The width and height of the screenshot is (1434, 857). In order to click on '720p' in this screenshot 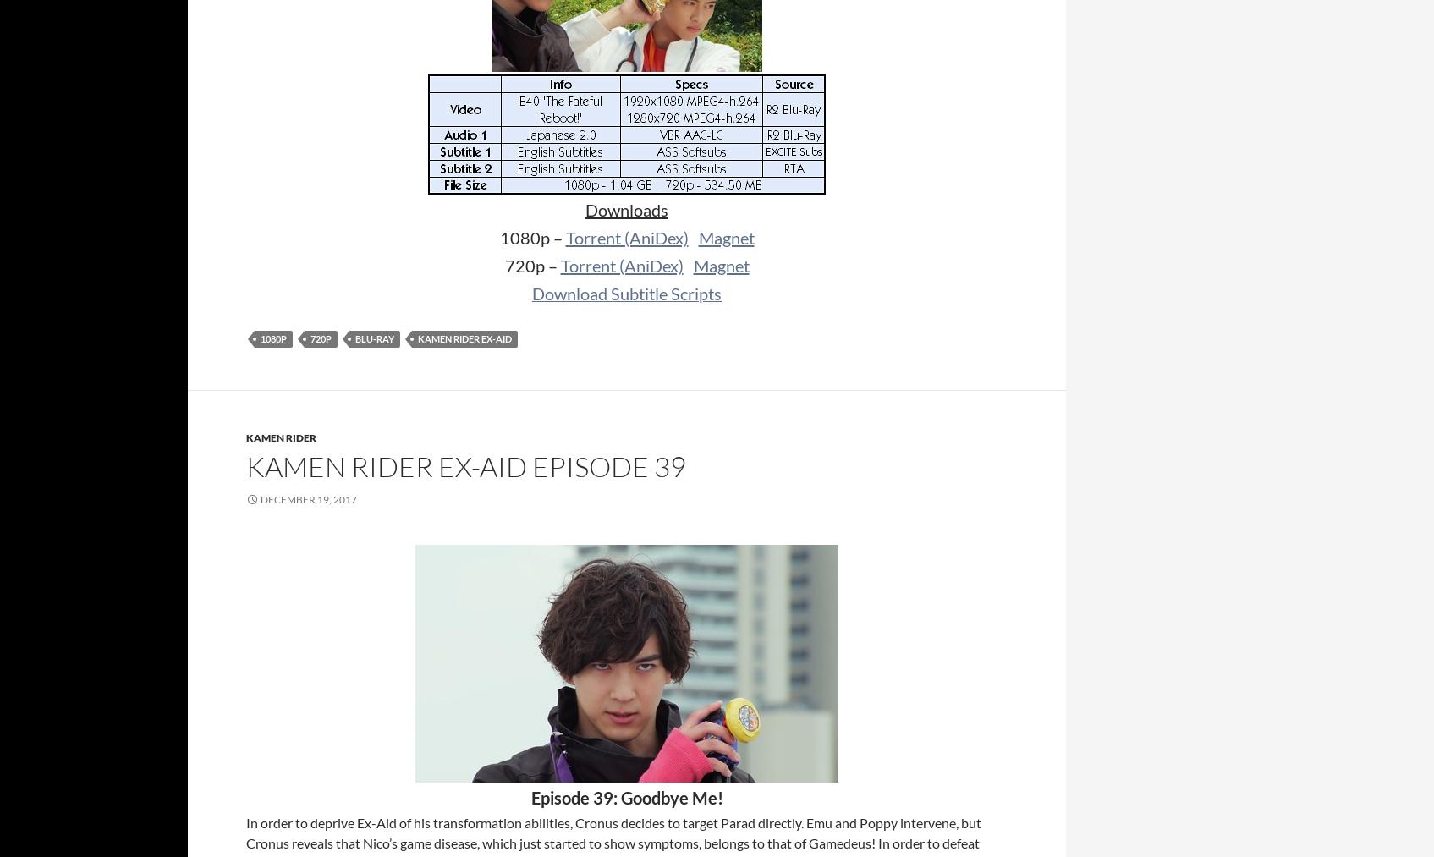, I will do `click(320, 338)`.